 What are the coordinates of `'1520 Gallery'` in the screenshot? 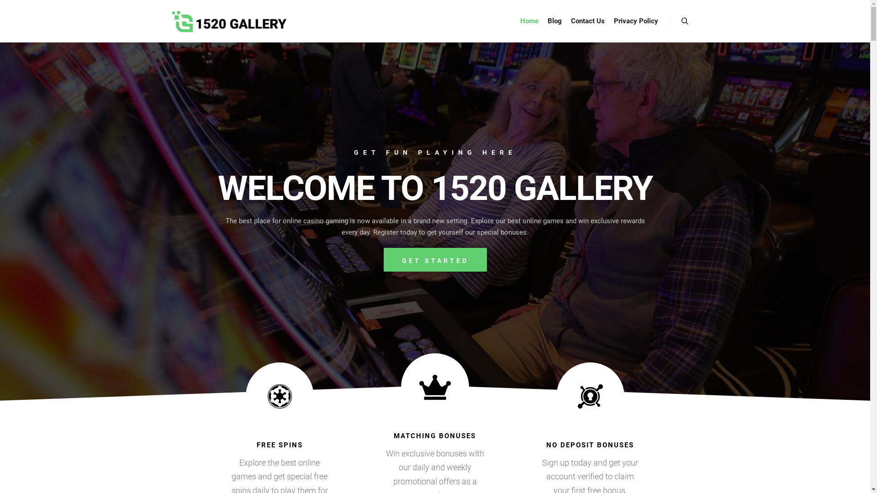 It's located at (228, 21).